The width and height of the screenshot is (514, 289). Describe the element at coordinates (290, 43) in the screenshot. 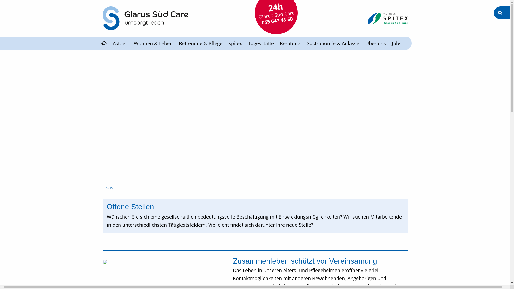

I see `'Beratung'` at that location.